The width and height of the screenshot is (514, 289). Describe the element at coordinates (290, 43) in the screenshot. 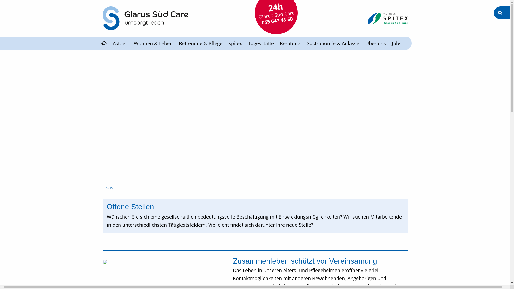

I see `'Beratung'` at that location.